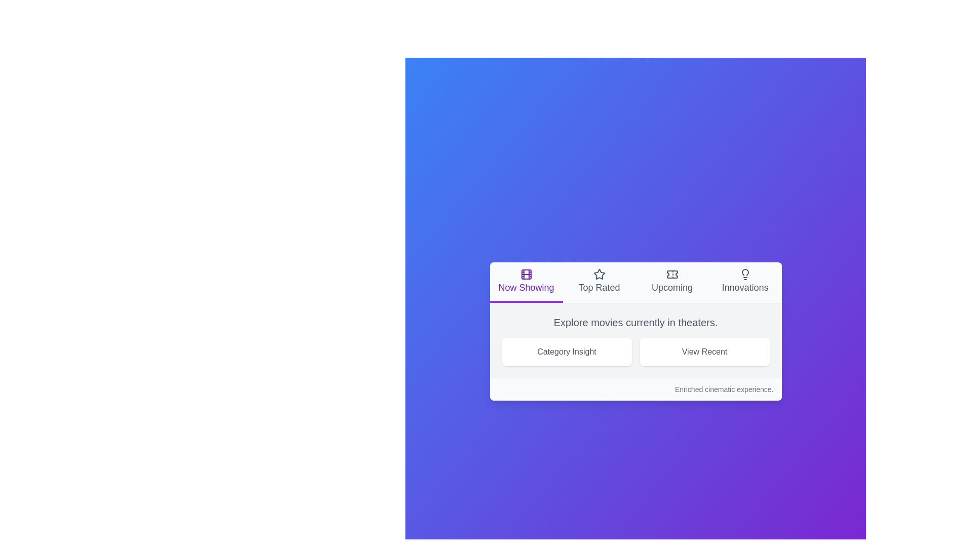 The image size is (973, 547). What do you see at coordinates (526, 281) in the screenshot?
I see `the navigational tab labeled 'Now Showing' with a film strip icon` at bounding box center [526, 281].